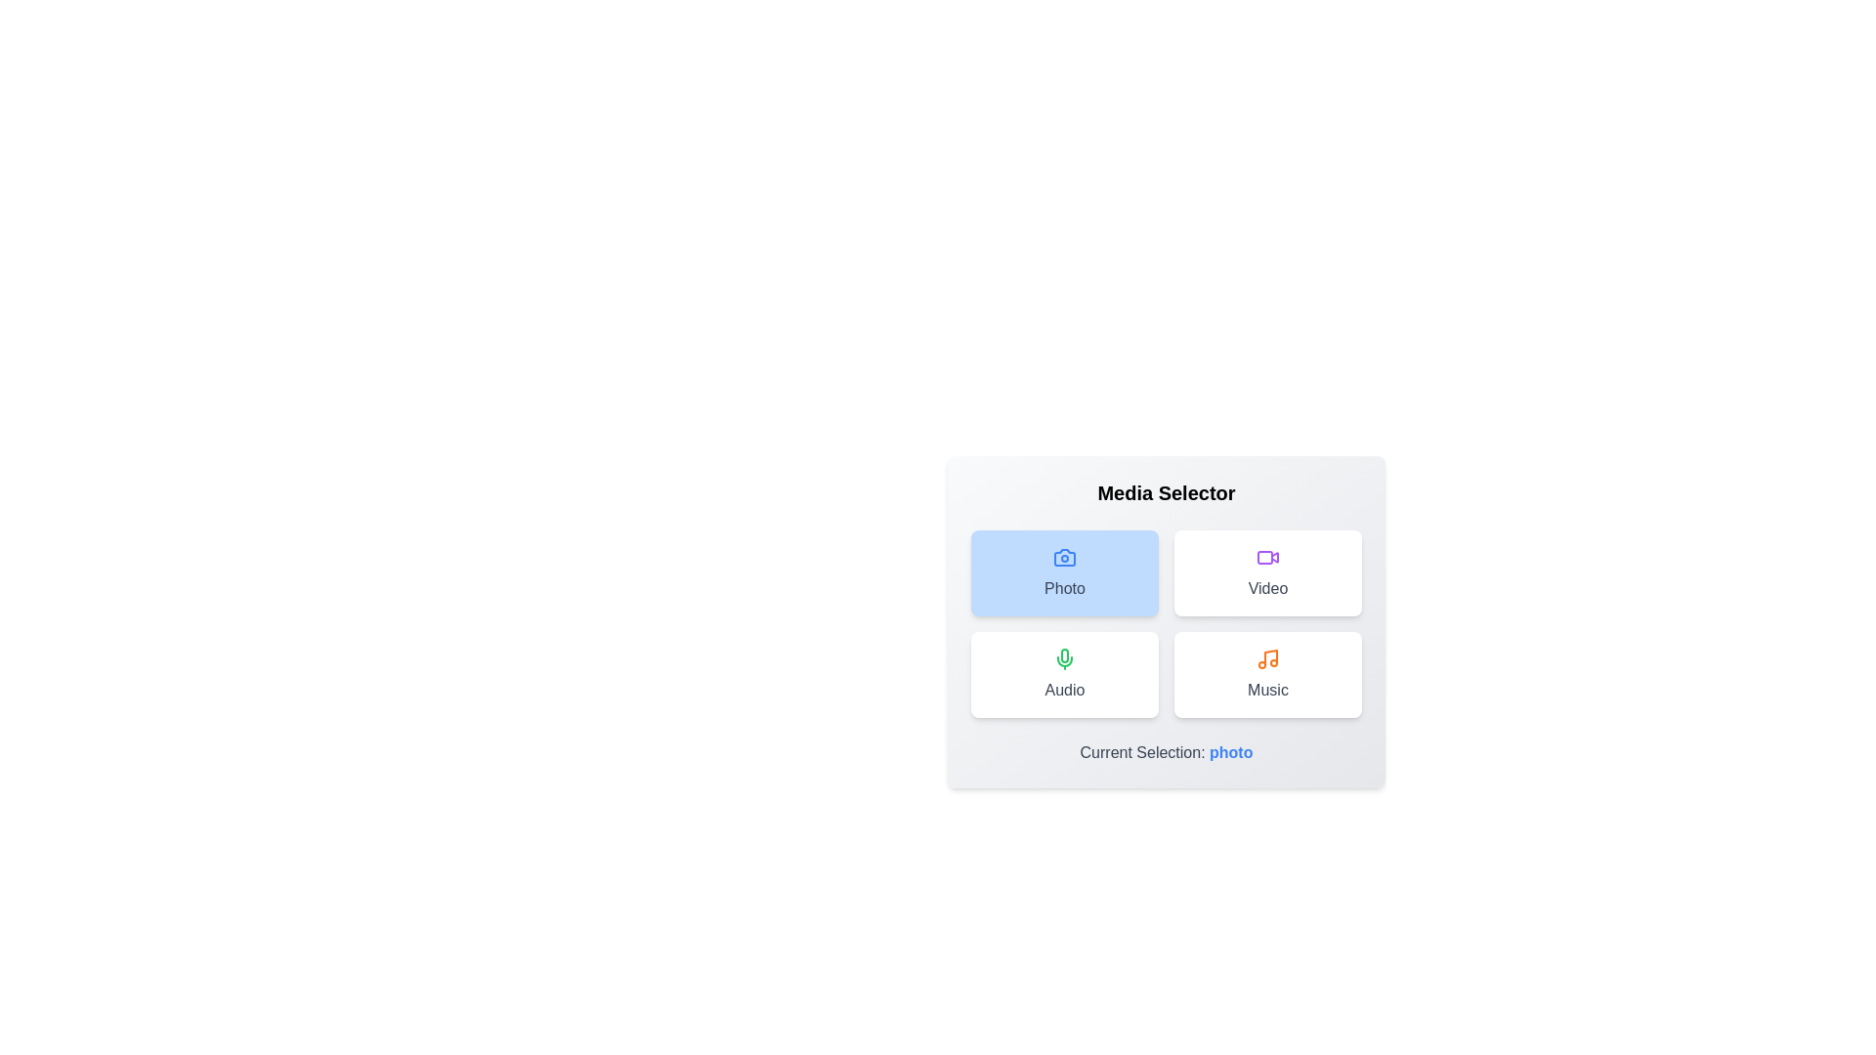 The width and height of the screenshot is (1876, 1055). I want to click on the button corresponding to the media type Video, so click(1267, 571).